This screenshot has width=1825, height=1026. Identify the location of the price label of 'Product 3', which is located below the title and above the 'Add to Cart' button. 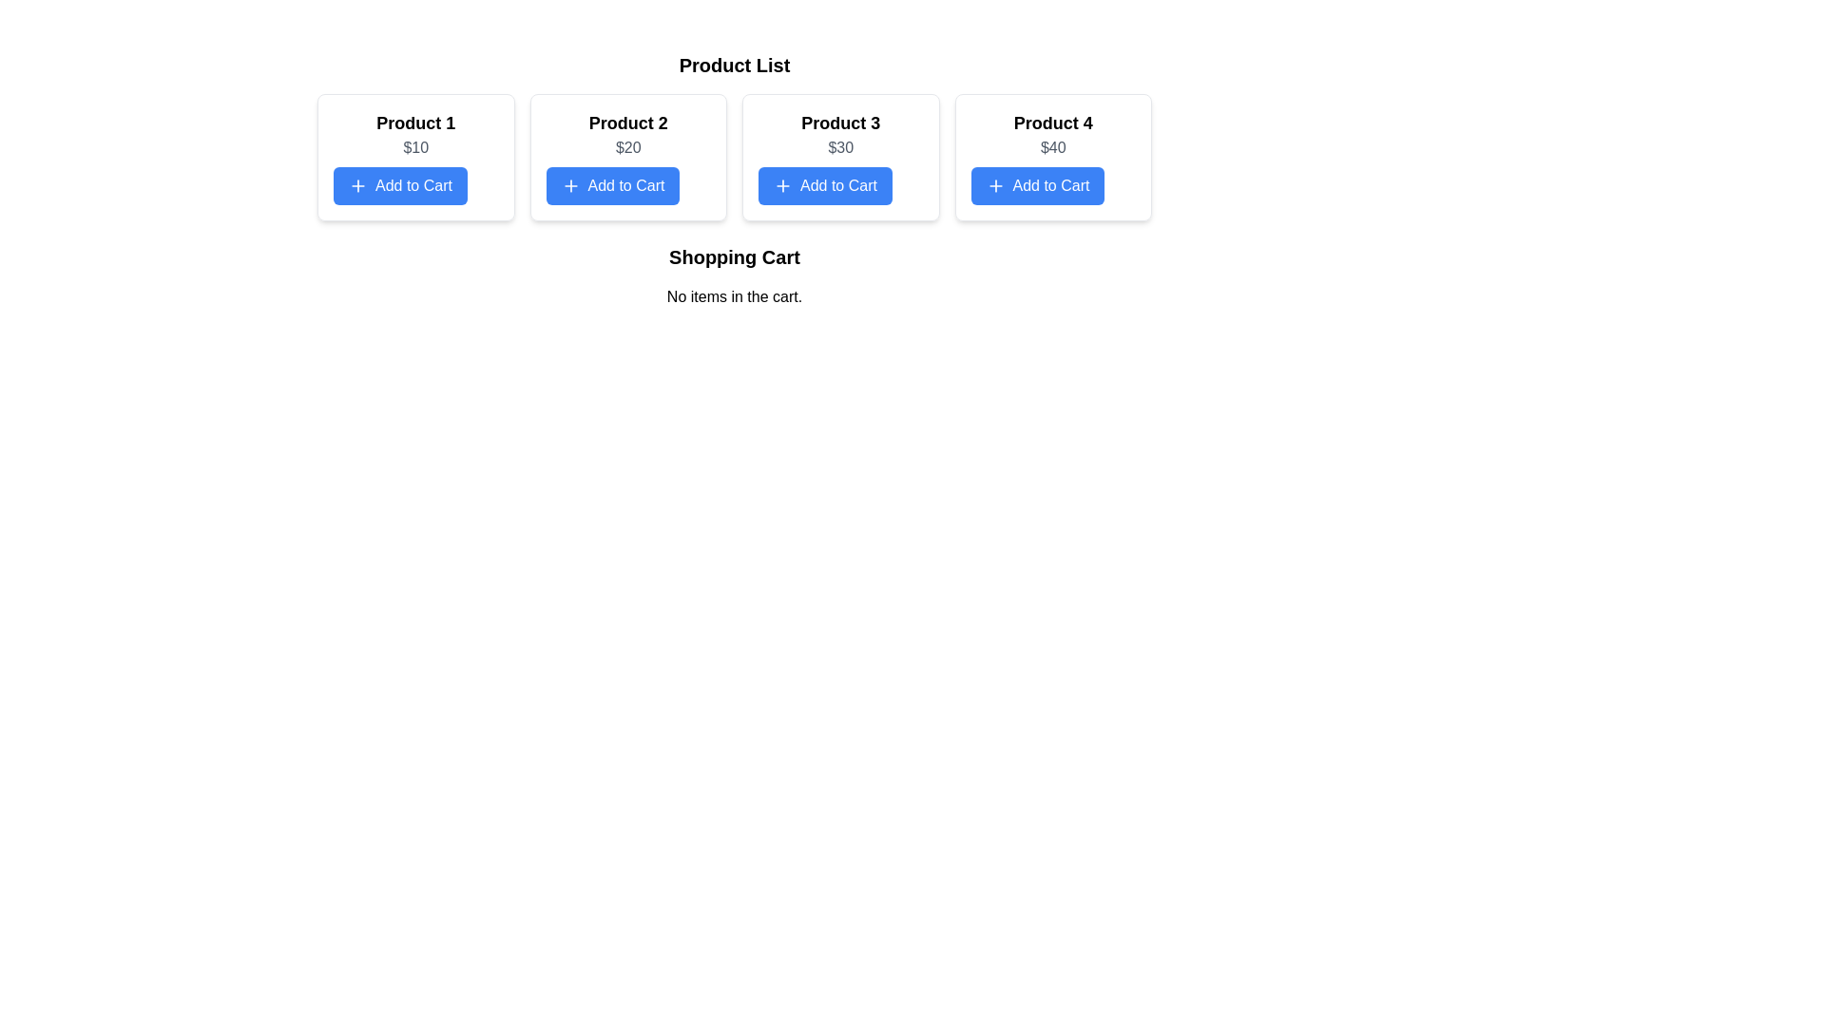
(839, 146).